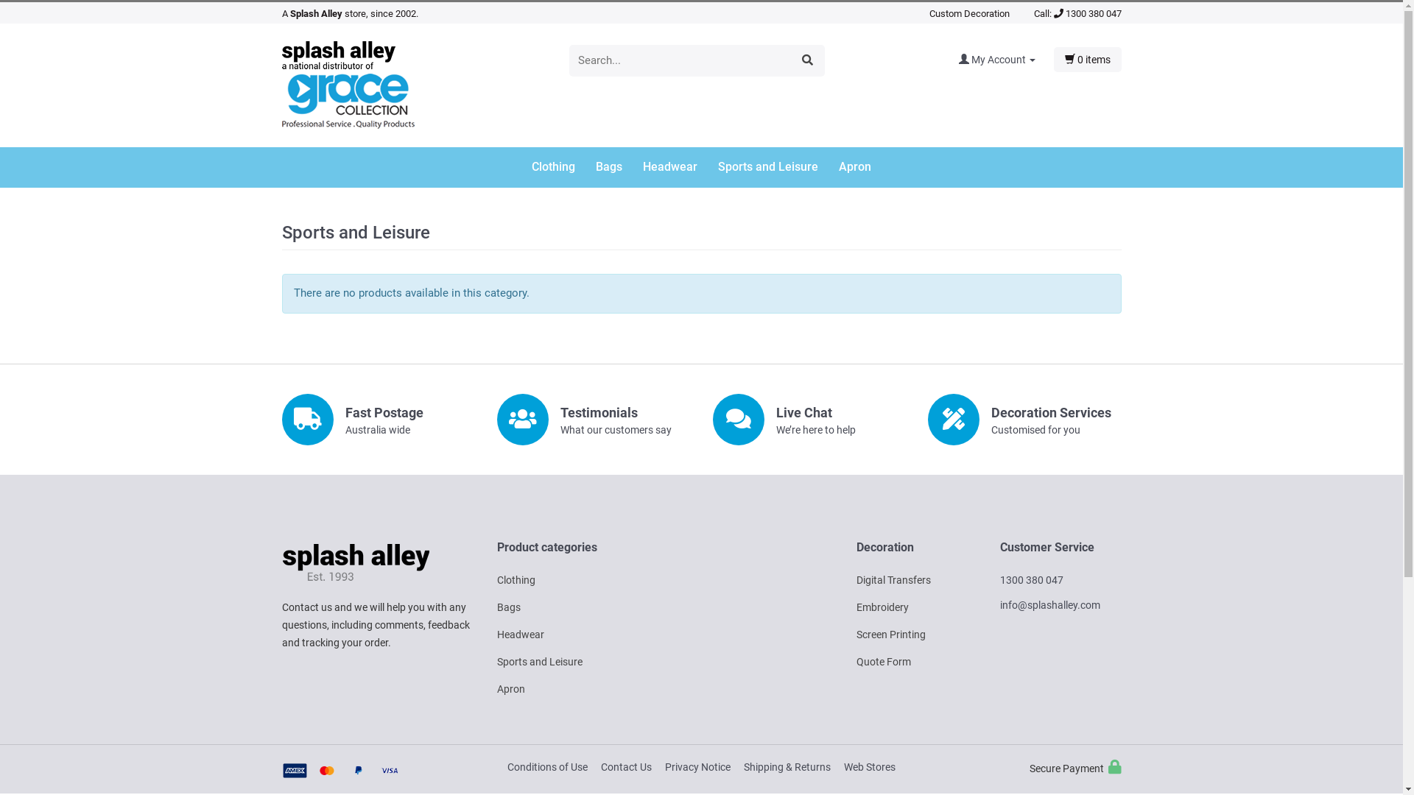  I want to click on 'My Account', so click(1005, 59).